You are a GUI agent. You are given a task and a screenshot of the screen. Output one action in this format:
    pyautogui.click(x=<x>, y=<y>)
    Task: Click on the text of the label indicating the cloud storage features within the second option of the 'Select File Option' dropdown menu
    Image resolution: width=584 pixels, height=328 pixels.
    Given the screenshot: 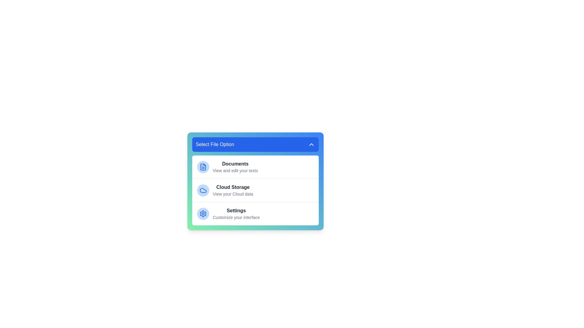 What is the action you would take?
    pyautogui.click(x=232, y=187)
    